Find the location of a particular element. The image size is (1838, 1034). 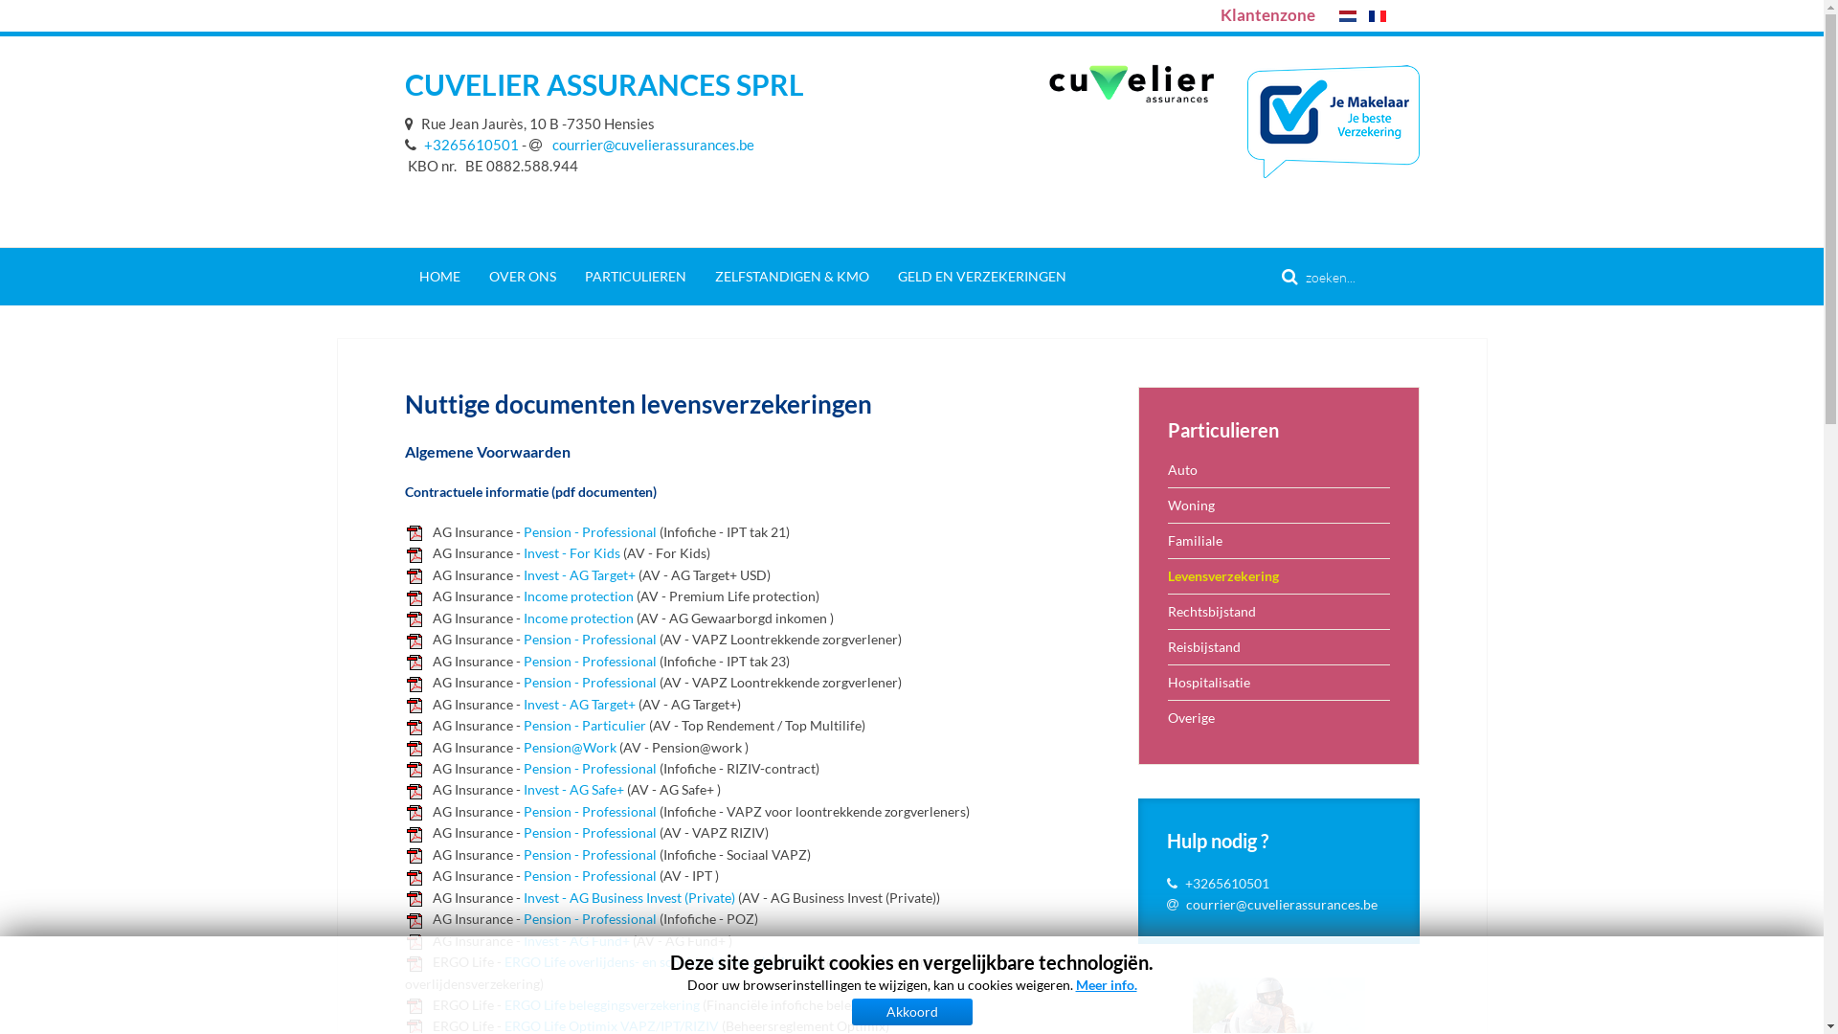

'OVER ONS' is located at coordinates (523, 277).